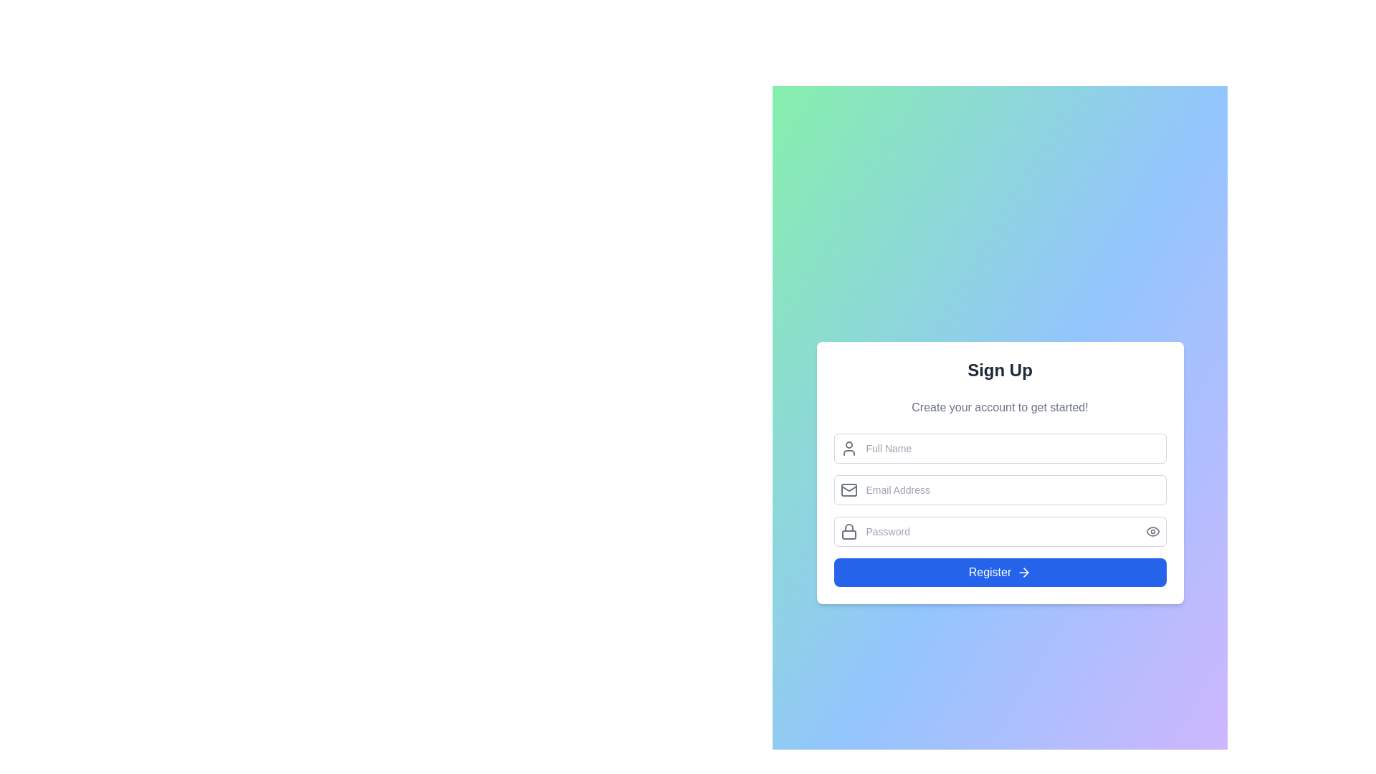 The width and height of the screenshot is (1376, 774). Describe the element at coordinates (1012, 489) in the screenshot. I see `the email input field, which is located below the 'Full Name' field and above the 'Password' field` at that location.